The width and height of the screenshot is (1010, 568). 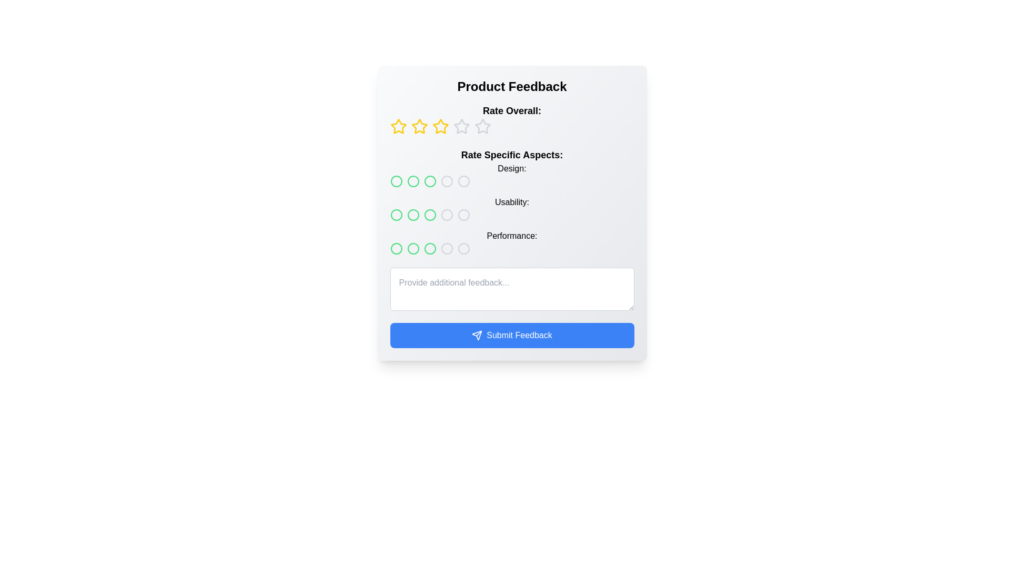 I want to click on the third circle button in the Performance section of the 'Rate Specific Aspects' group, so click(x=412, y=249).